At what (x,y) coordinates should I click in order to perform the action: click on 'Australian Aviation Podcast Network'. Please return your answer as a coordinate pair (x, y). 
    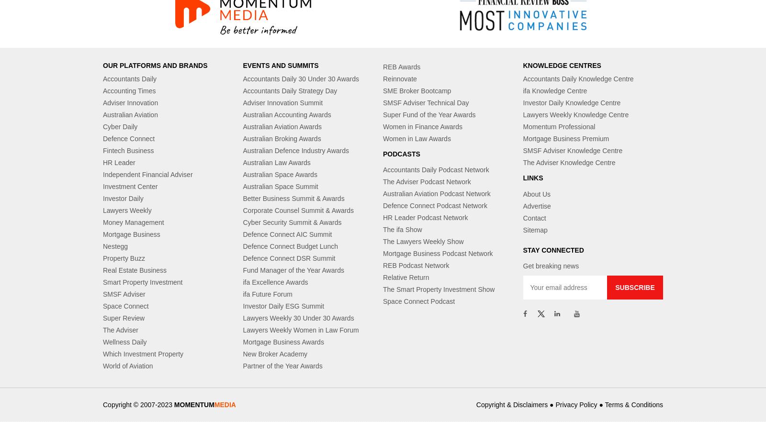
    Looking at the image, I should click on (436, 194).